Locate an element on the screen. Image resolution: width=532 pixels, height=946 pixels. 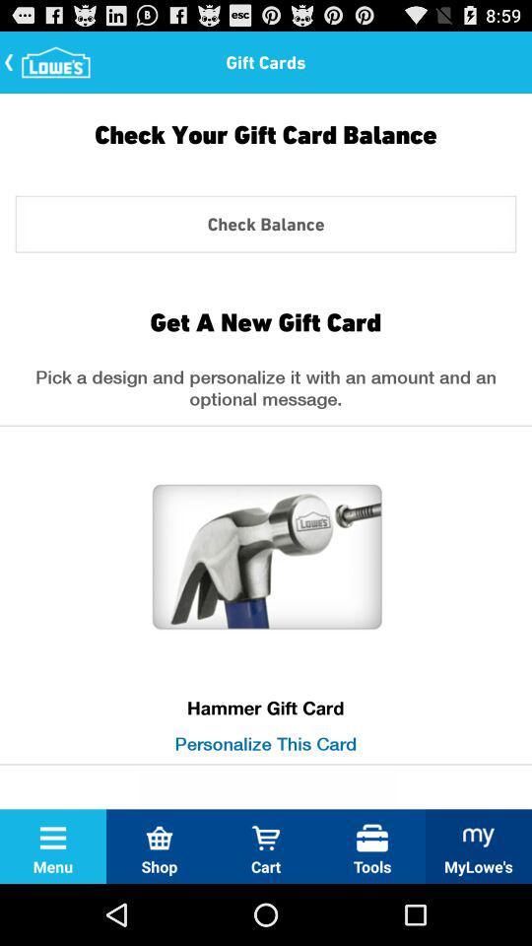
the check your gift item is located at coordinates (266, 148).